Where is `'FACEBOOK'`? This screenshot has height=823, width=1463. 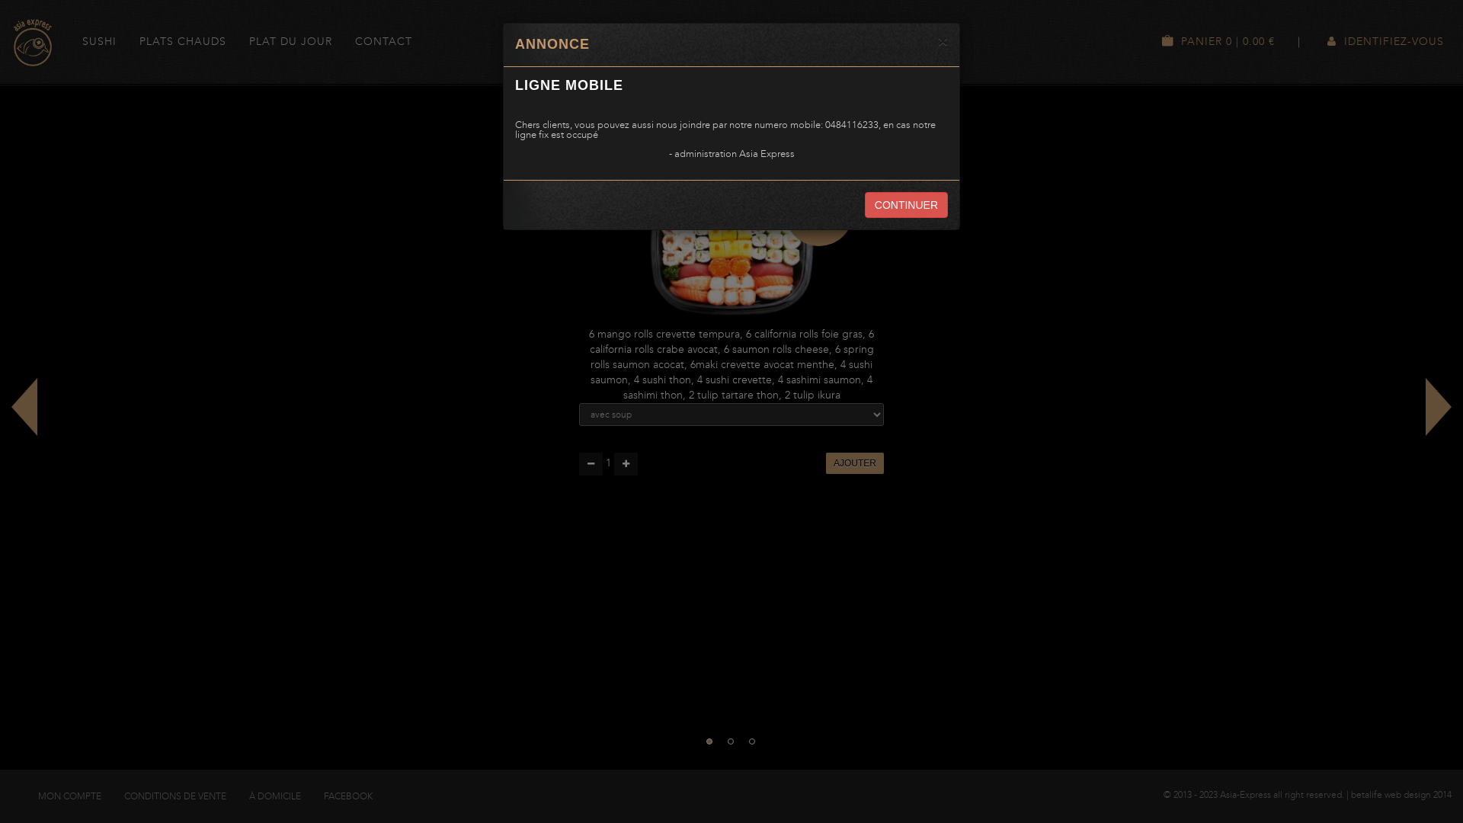
'FACEBOOK' is located at coordinates (347, 796).